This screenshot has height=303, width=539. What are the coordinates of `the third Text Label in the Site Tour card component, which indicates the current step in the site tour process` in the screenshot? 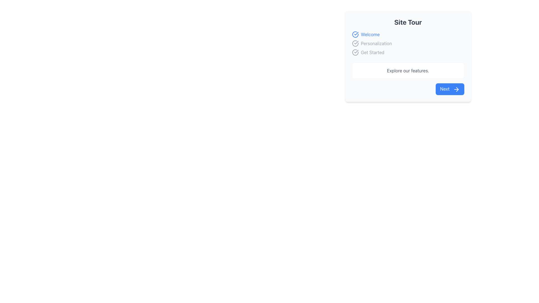 It's located at (373, 52).